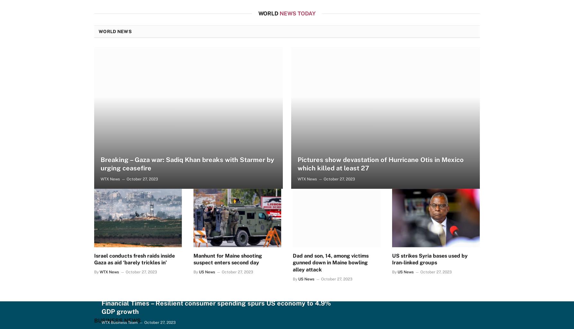 The width and height of the screenshot is (574, 329). I want to click on 'World News', so click(115, 31).